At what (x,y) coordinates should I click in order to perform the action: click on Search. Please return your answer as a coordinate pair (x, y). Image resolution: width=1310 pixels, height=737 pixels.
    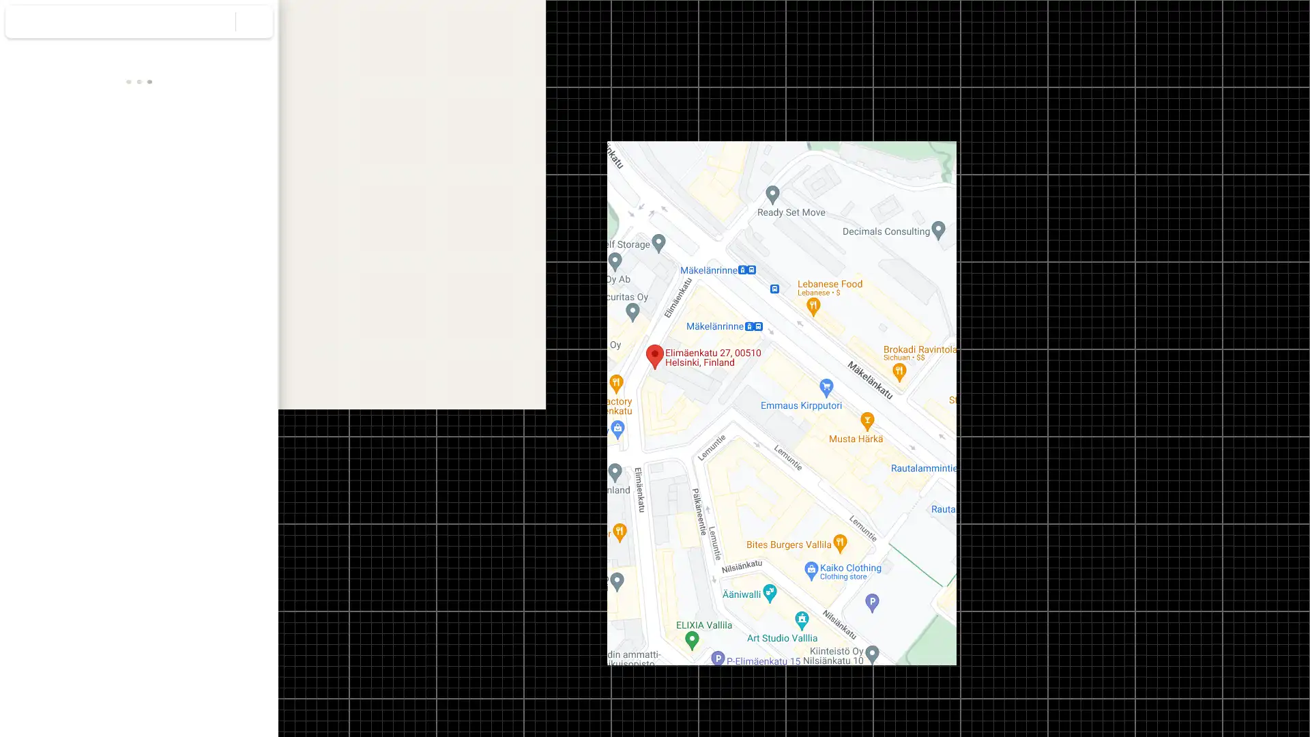
    Looking at the image, I should click on (216, 21).